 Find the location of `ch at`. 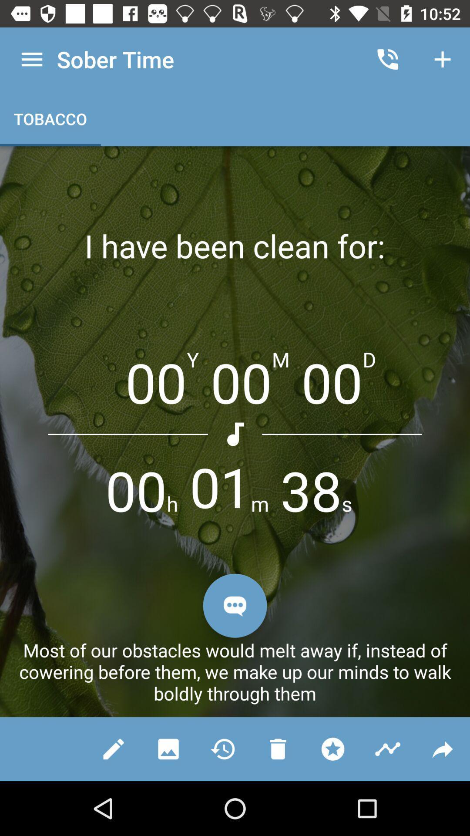

ch at is located at coordinates (235, 605).